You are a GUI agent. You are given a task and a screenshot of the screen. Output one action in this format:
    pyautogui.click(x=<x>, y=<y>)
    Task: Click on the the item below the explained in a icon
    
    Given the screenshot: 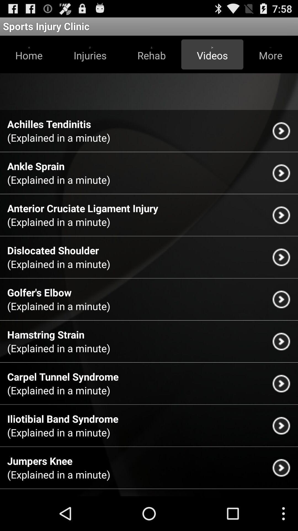 What is the action you would take?
    pyautogui.click(x=46, y=334)
    